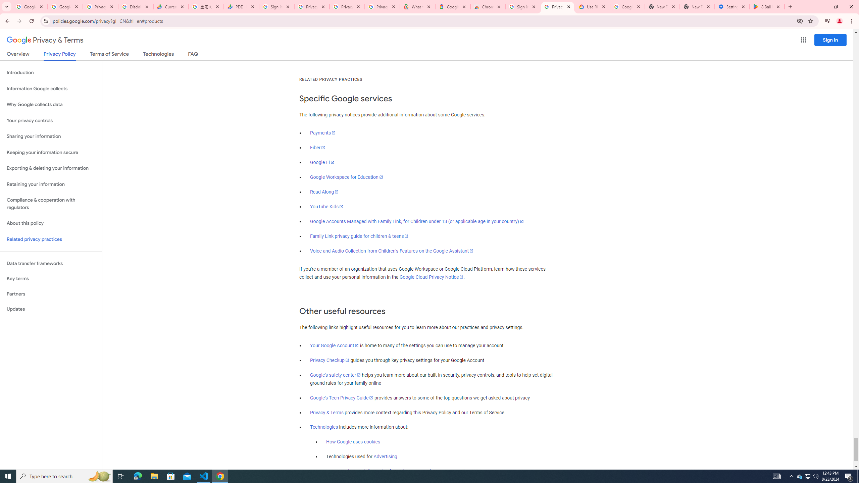  What do you see at coordinates (51, 168) in the screenshot?
I see `'Exporting & deleting your information'` at bounding box center [51, 168].